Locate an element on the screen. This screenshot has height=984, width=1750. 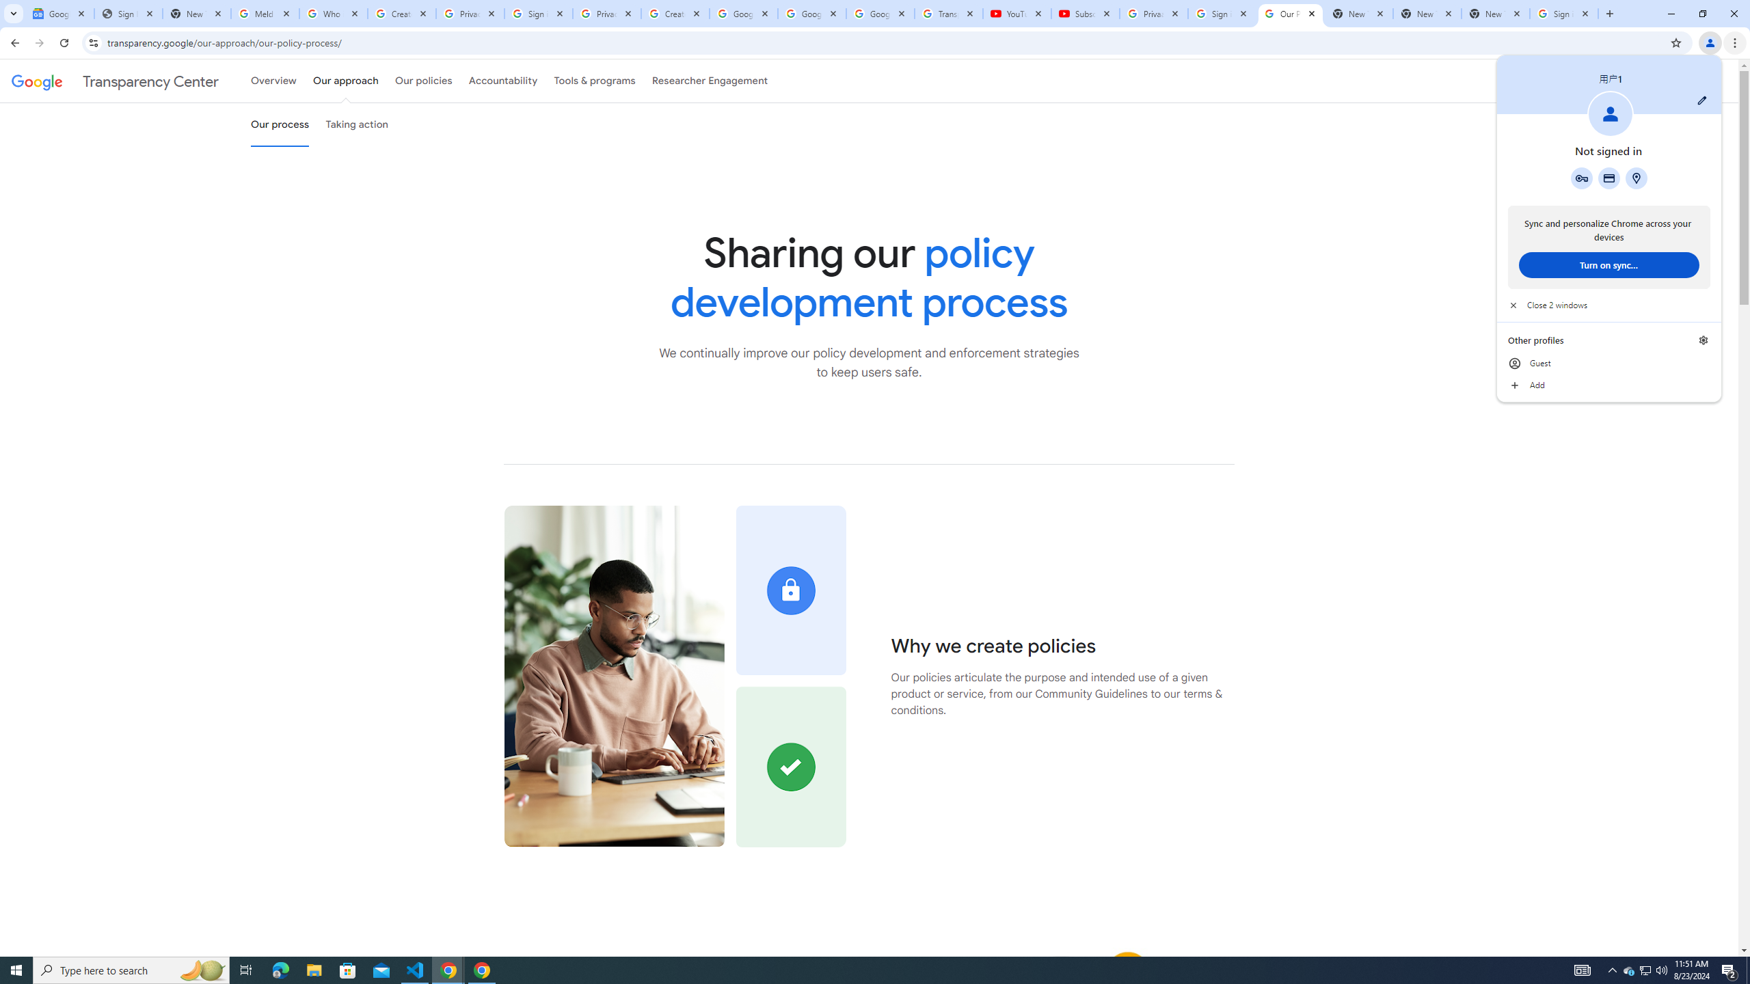
'Addresses and more' is located at coordinates (1635, 178).